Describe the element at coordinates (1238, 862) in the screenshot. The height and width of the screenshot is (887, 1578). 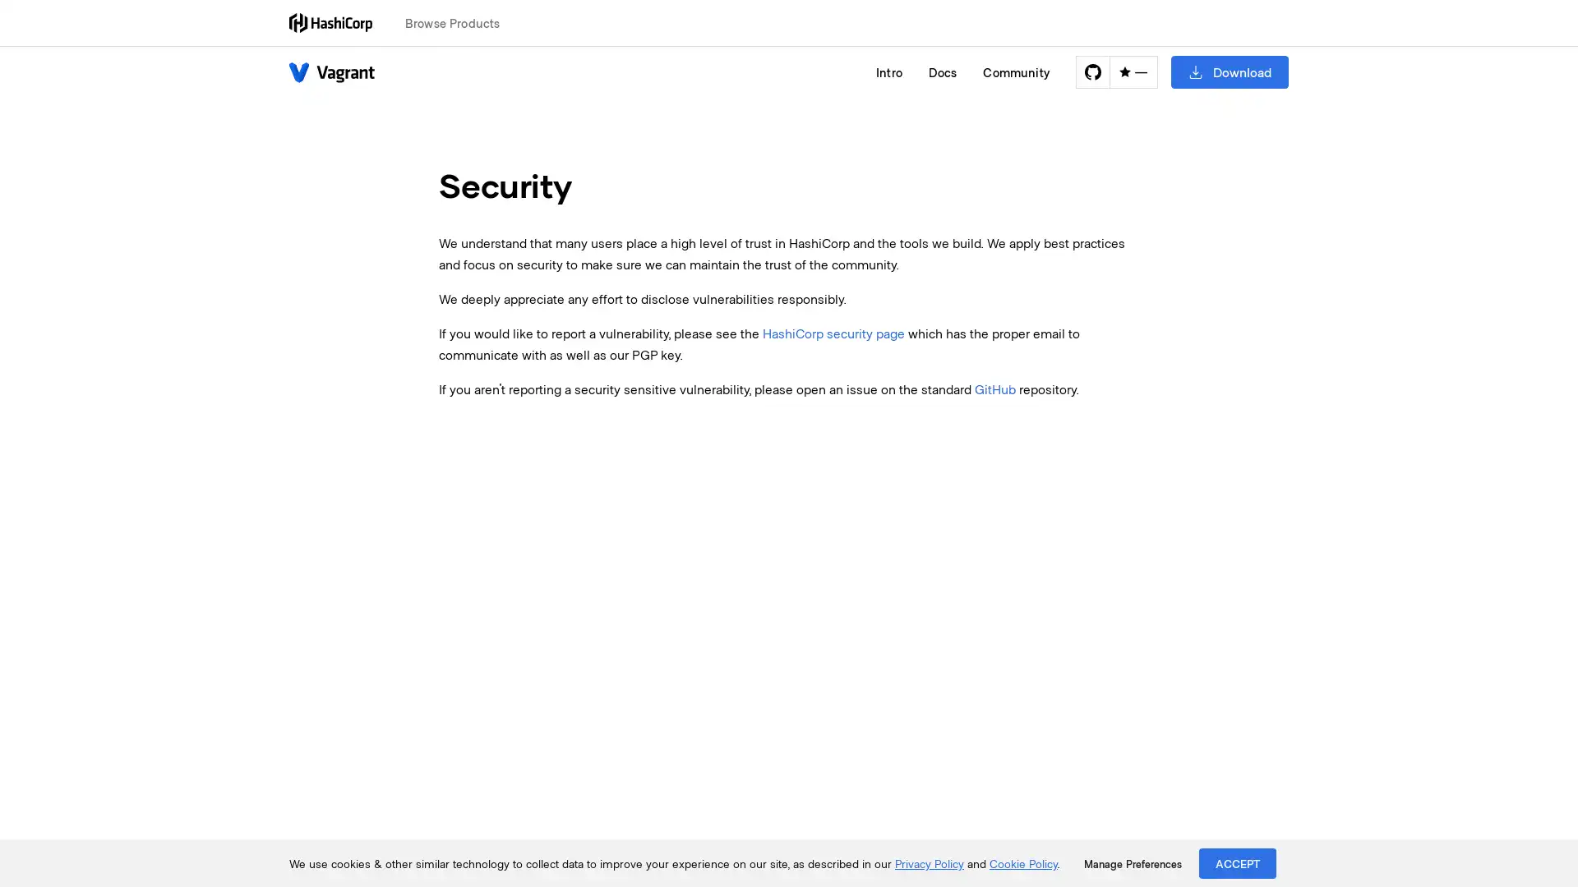
I see `ACCEPT` at that location.